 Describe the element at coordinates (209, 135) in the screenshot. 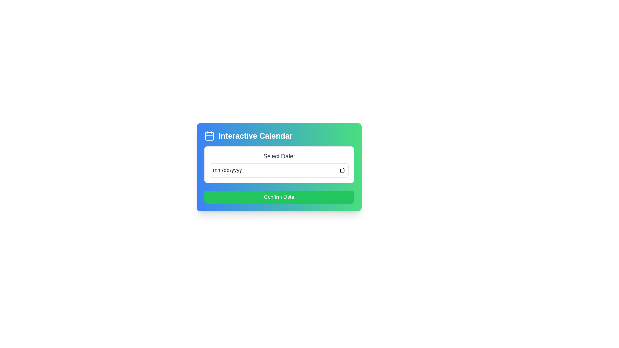

I see `the square calendar icon with a blue background located next to the title text 'Interactive Calendar'` at that location.